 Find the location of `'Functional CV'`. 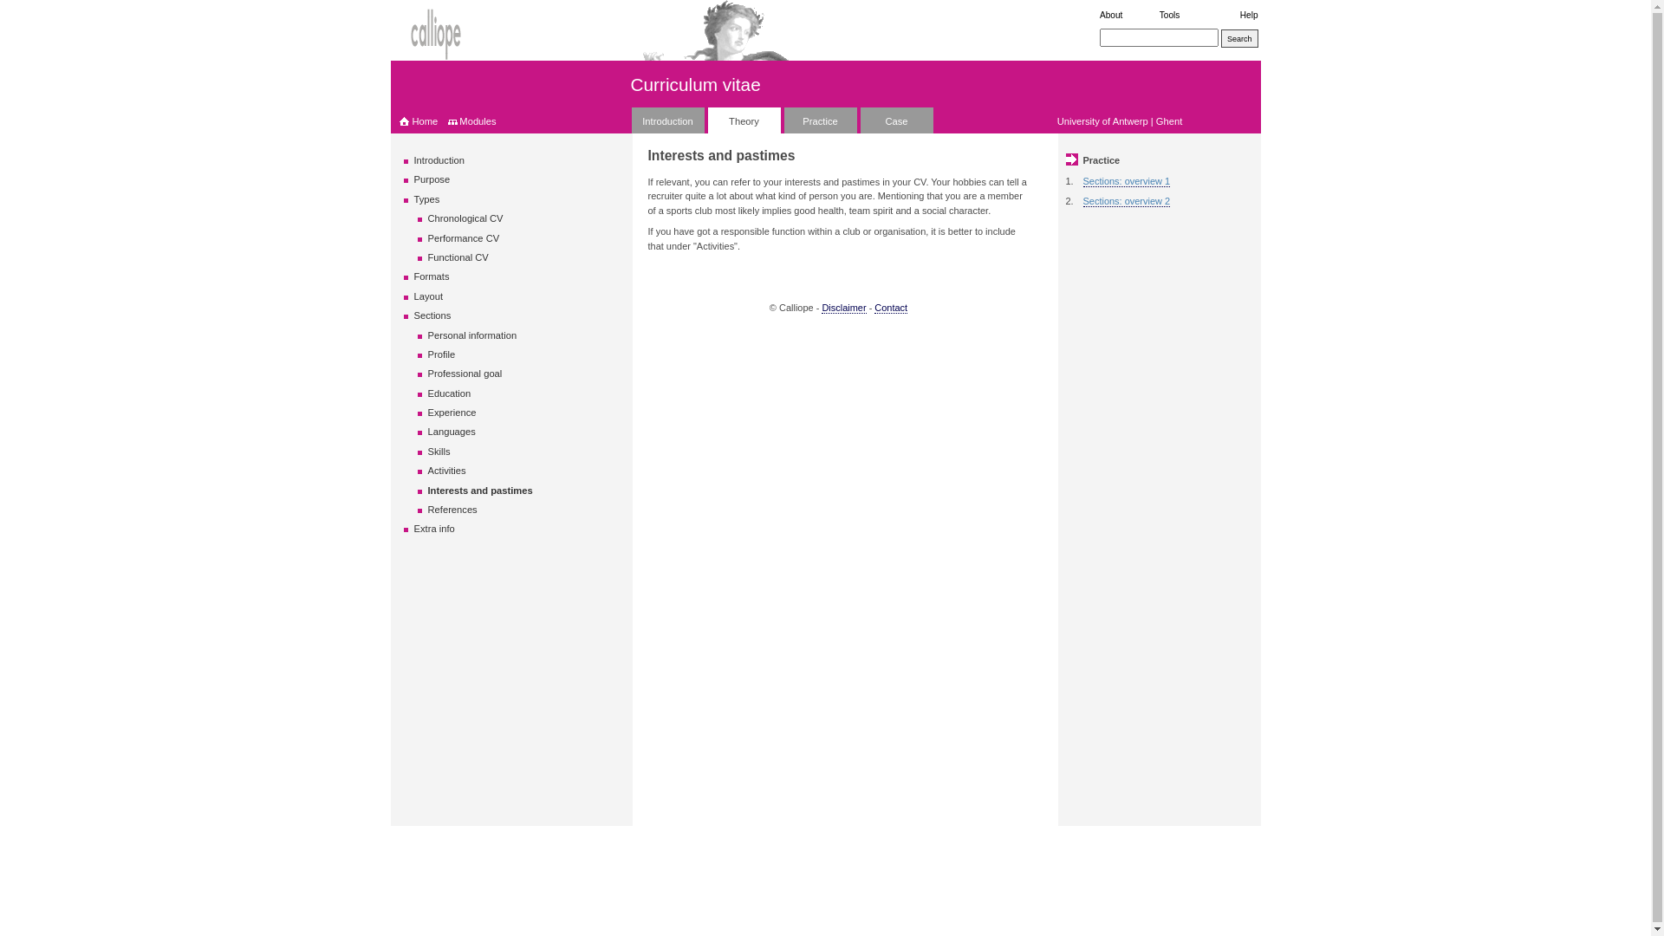

'Functional CV' is located at coordinates (458, 257).